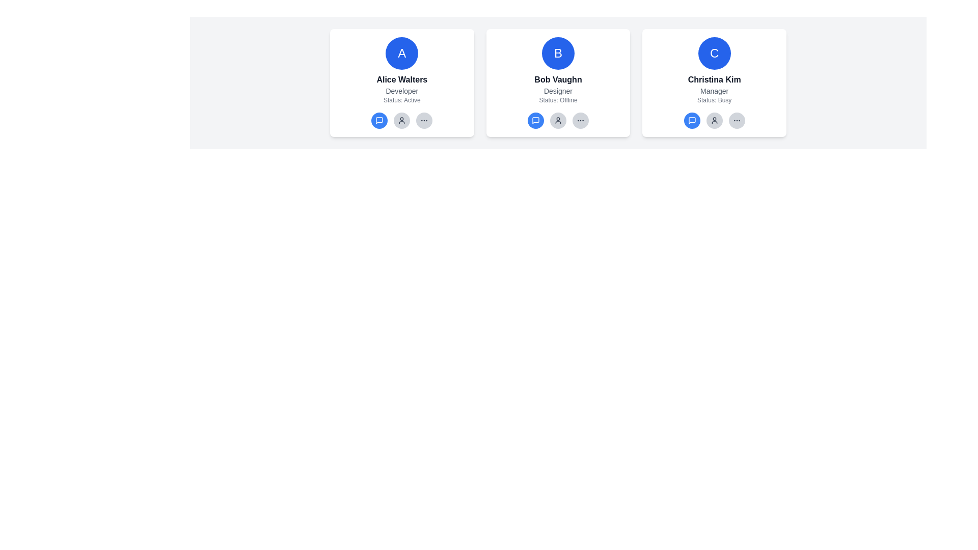 Image resolution: width=978 pixels, height=550 pixels. I want to click on the message bubble icon within the blue circular button located under the user card for Alice Walters for accessibility purposes, so click(379, 120).